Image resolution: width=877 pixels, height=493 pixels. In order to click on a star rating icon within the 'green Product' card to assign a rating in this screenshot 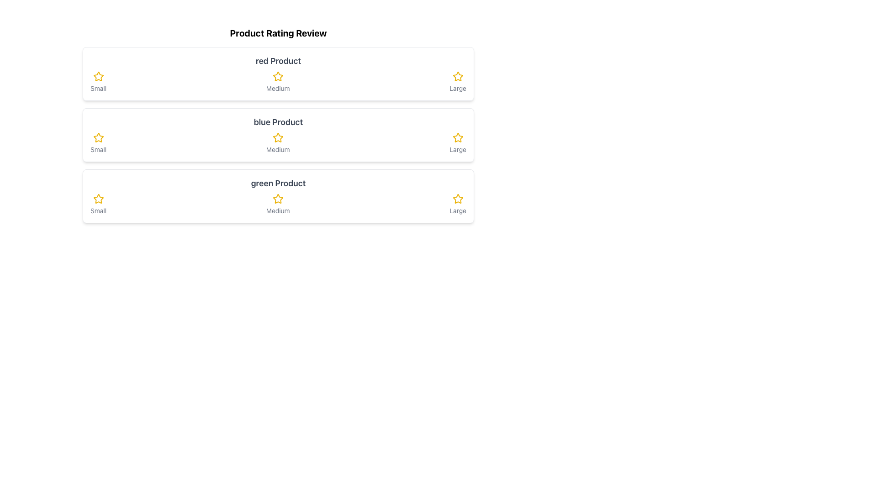, I will do `click(278, 195)`.